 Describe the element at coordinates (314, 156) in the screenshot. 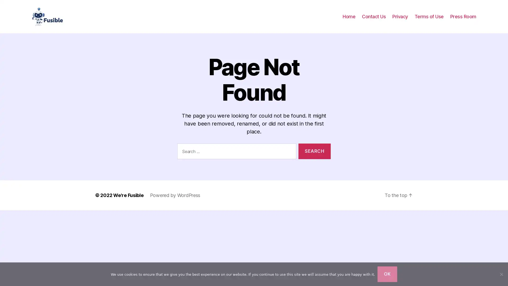

I see `Search` at that location.